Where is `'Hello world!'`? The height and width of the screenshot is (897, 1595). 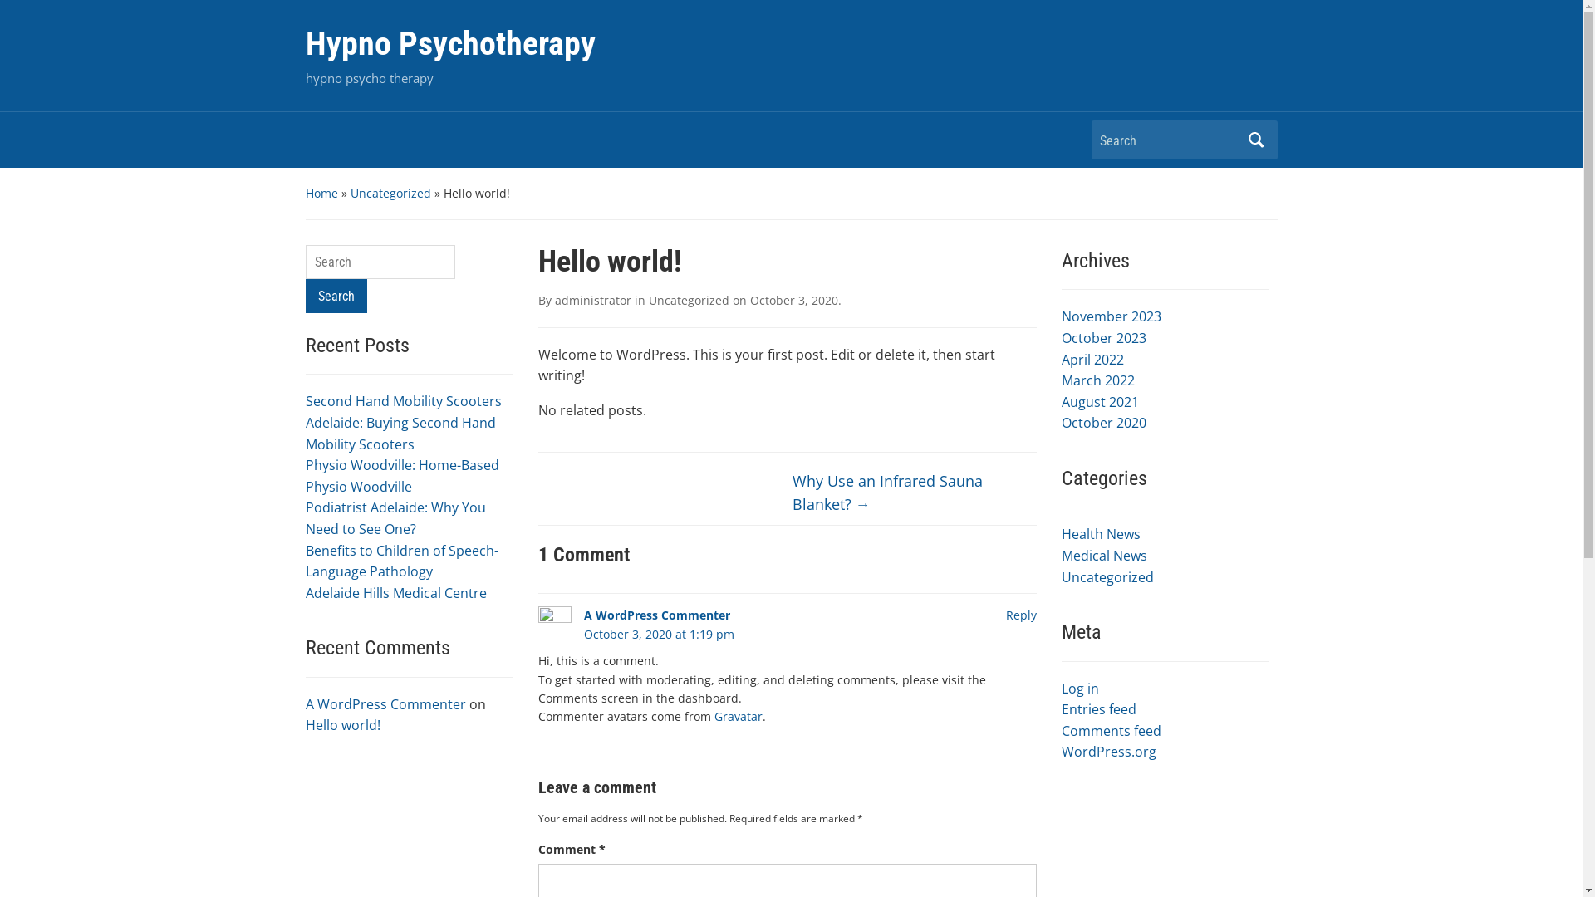
'Hello world!' is located at coordinates (341, 723).